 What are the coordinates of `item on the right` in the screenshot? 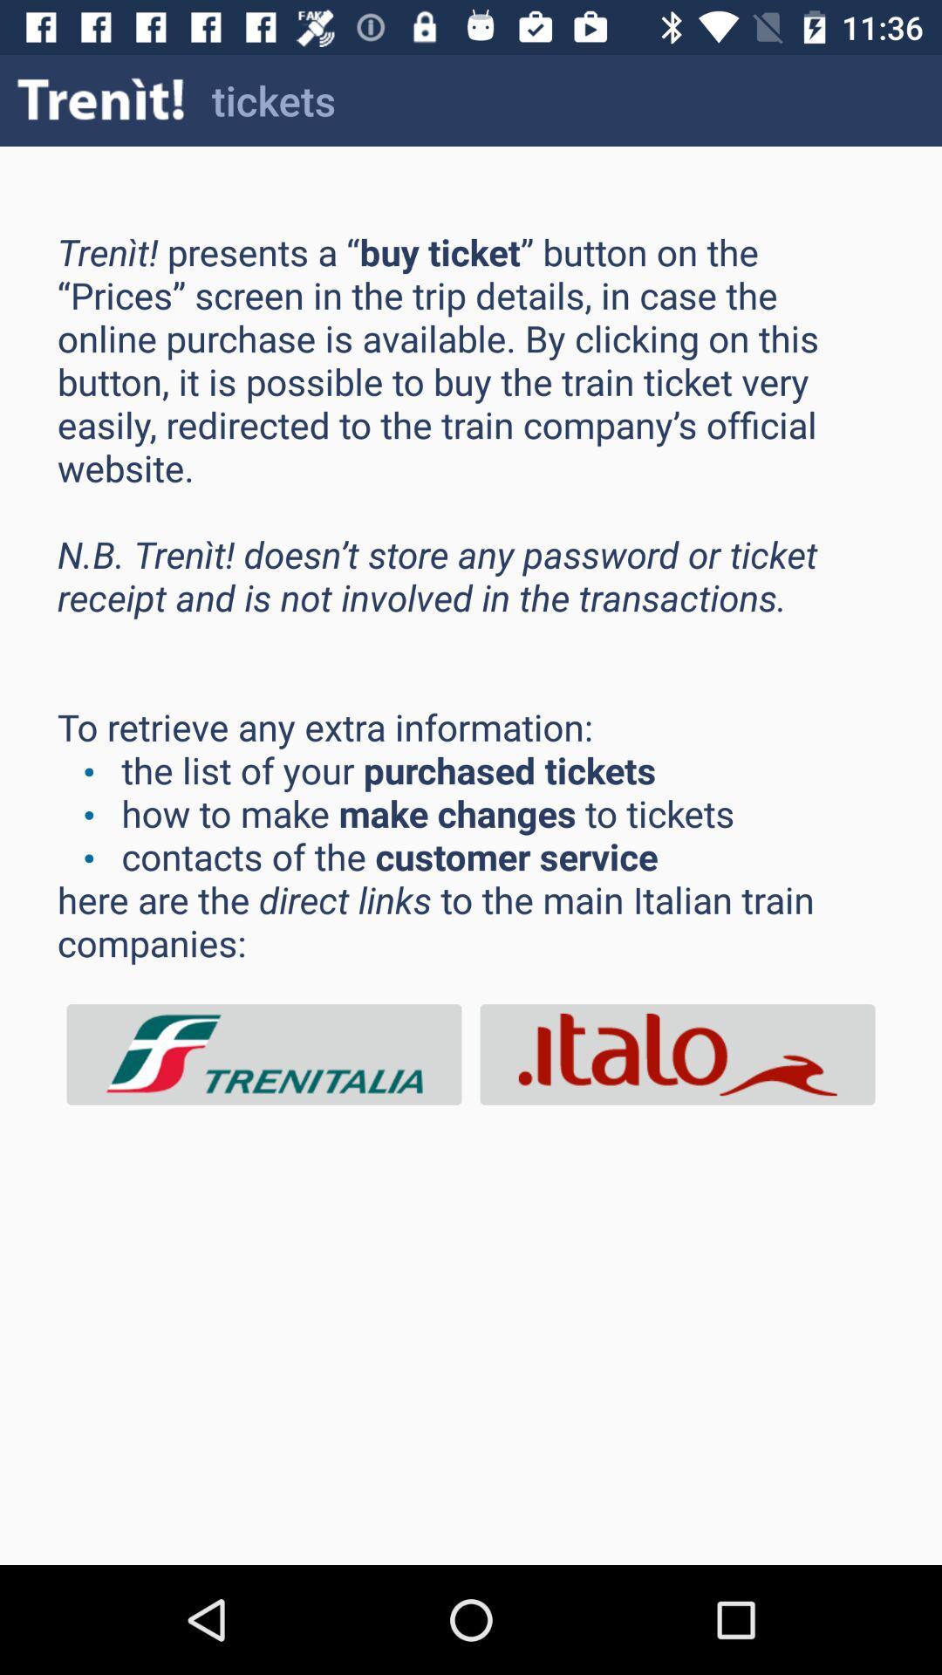 It's located at (676, 1054).